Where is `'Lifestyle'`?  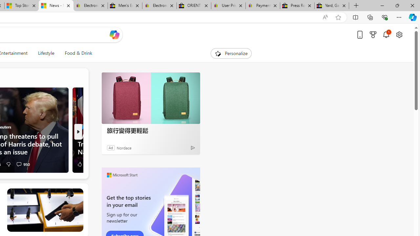
'Lifestyle' is located at coordinates (46, 53).